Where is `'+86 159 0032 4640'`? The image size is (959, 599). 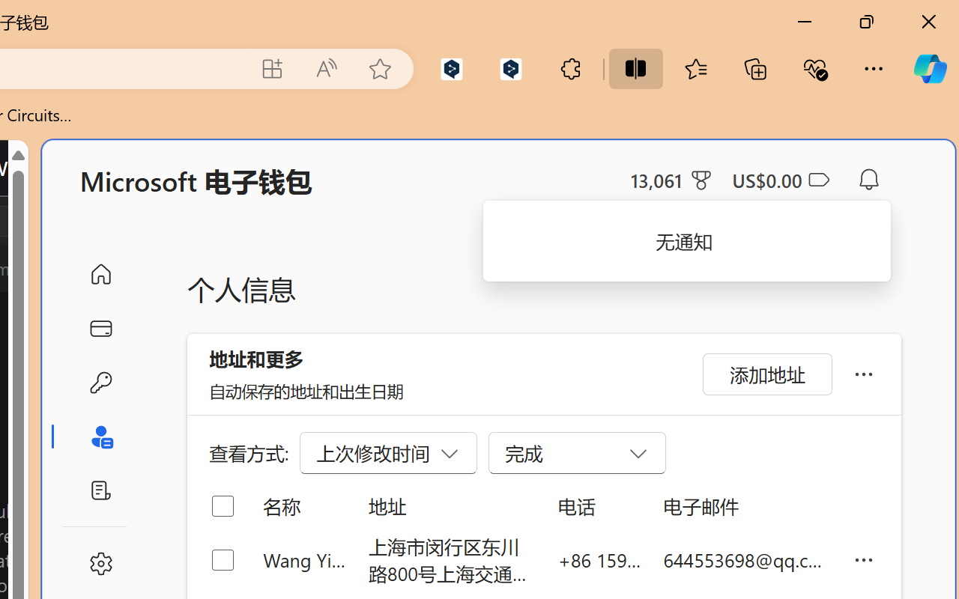
'+86 159 0032 4640' is located at coordinates (599, 559).